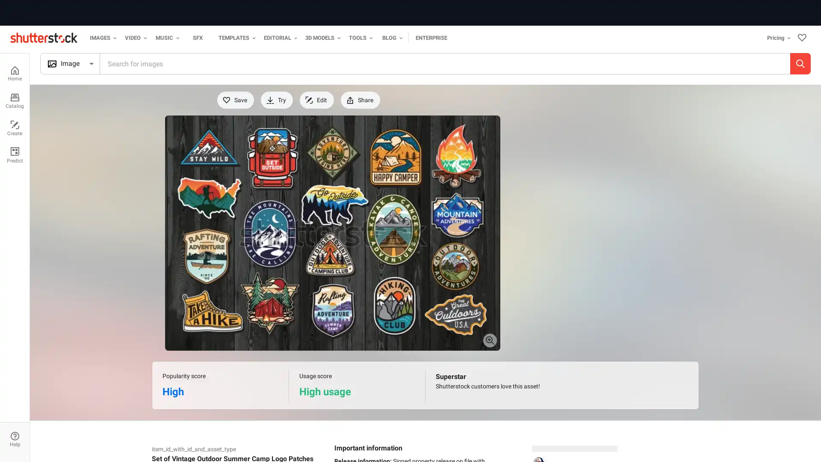  Describe the element at coordinates (655, 326) in the screenshot. I see `See more` at that location.